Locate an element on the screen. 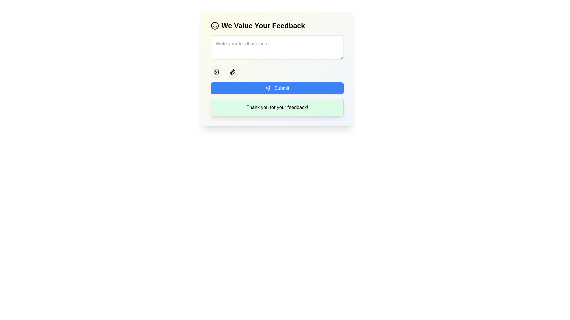 This screenshot has height=320, width=570. the attachment button on the toolbar located below the feedback input area is located at coordinates (277, 72).